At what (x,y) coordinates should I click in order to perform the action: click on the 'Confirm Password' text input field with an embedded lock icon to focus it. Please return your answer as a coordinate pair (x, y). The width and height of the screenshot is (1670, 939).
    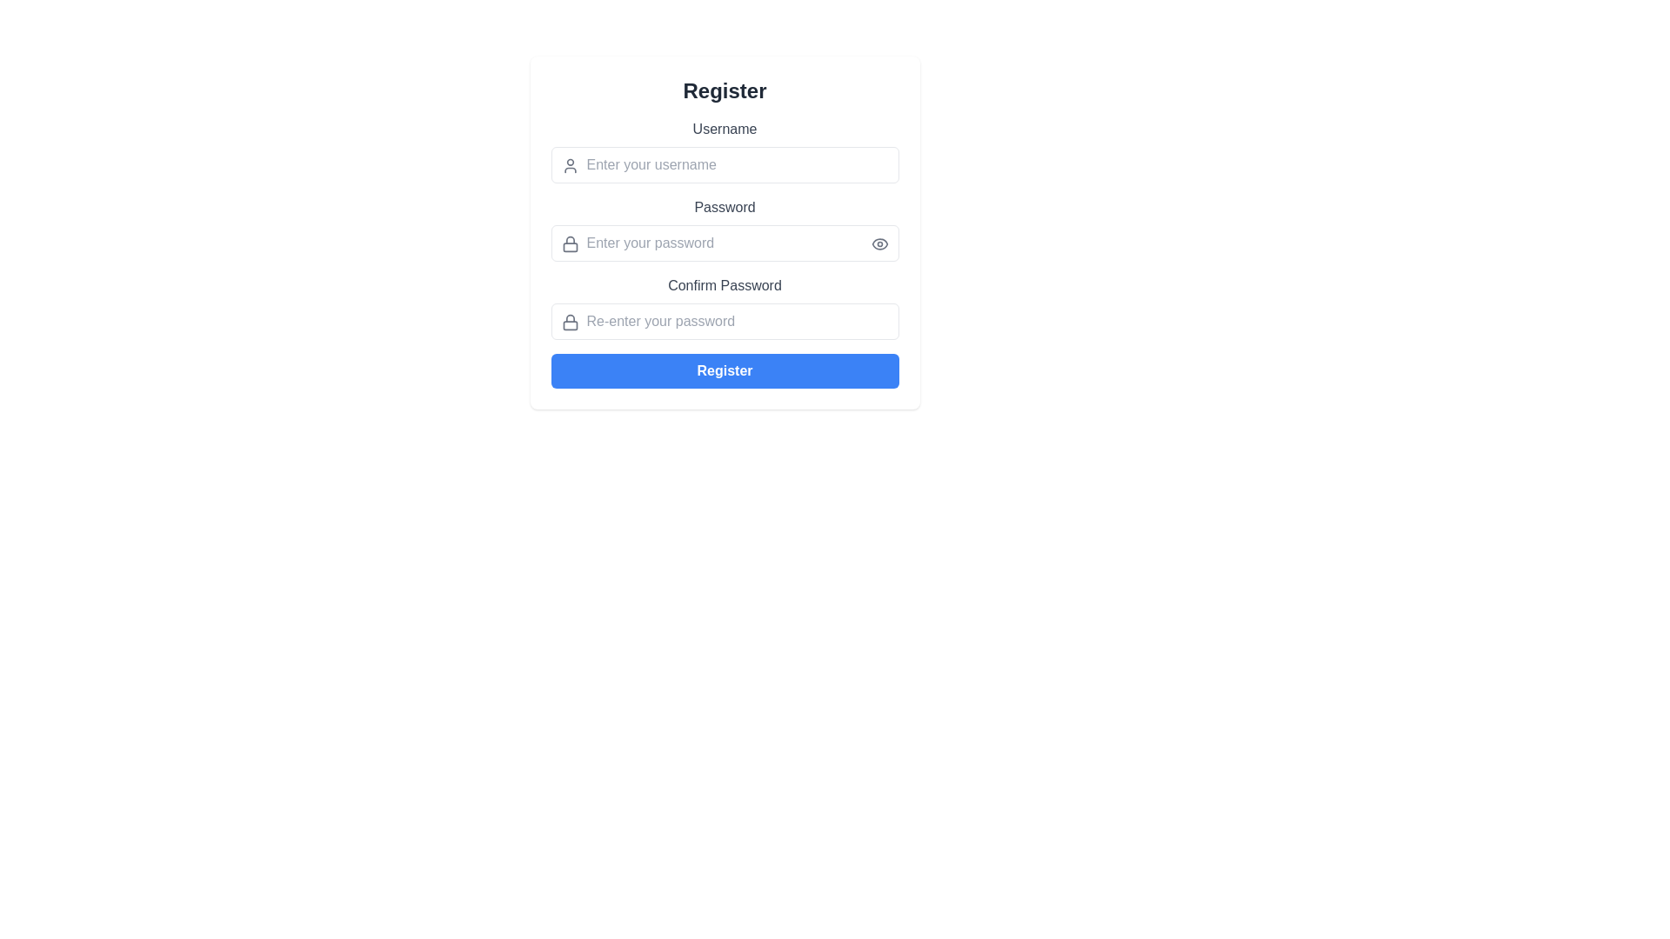
    Looking at the image, I should click on (725, 322).